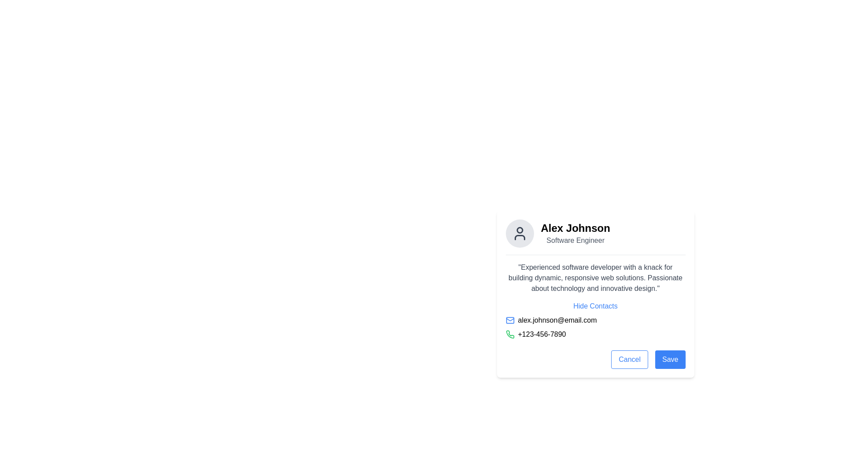  Describe the element at coordinates (519, 233) in the screenshot. I see `the user profile icon represented as a circular avatar, located to the left of the text 'Alex Johnson' and 'Software Engineer' in the profile header layout` at that location.